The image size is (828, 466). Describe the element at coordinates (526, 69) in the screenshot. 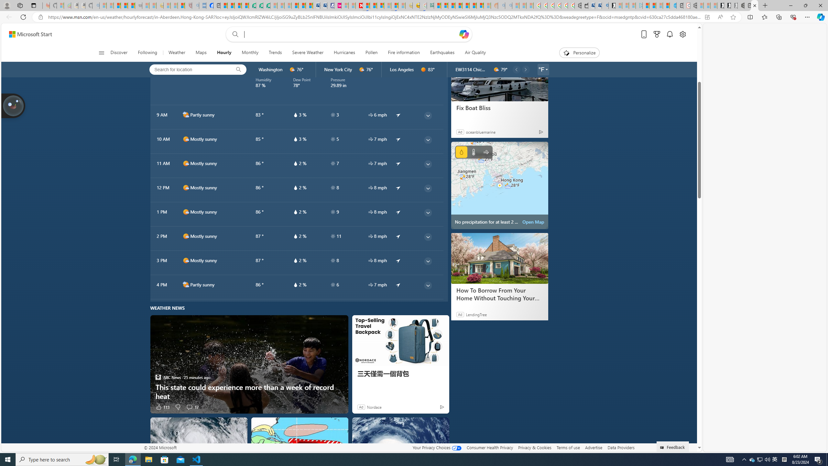

I see `'common/carouselChevron'` at that location.